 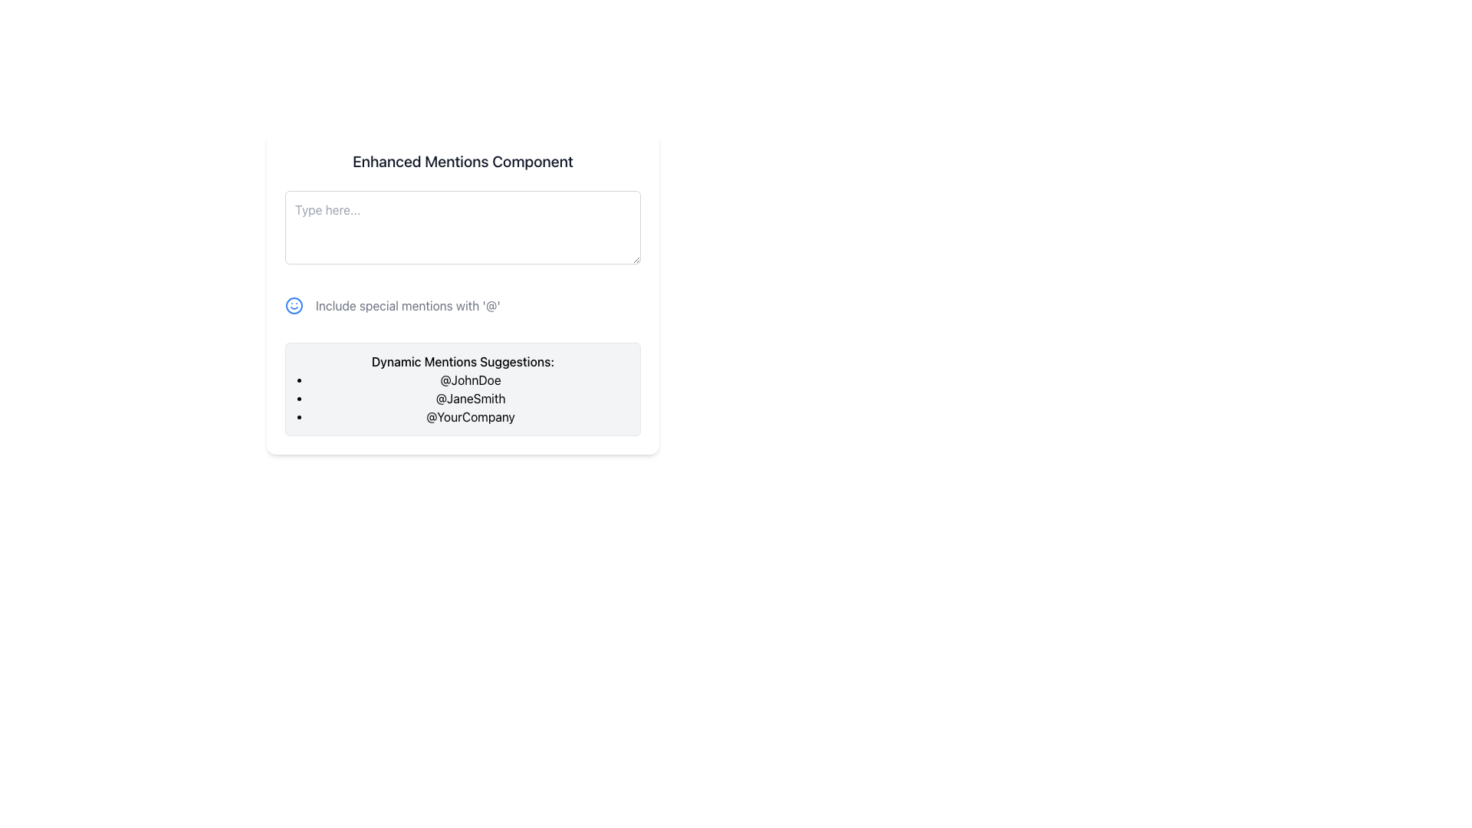 I want to click on the mention suggestion list item containing '@JohnDoe', '@JaneSmith', or '@YourCompany', so click(x=470, y=398).